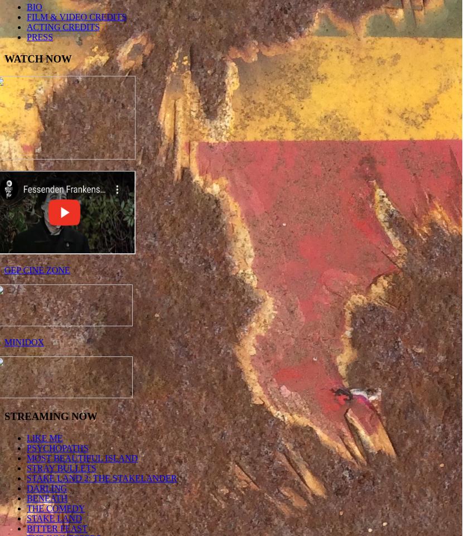 The width and height of the screenshot is (464, 536). Describe the element at coordinates (44, 437) in the screenshot. I see `'LIKE ME'` at that location.